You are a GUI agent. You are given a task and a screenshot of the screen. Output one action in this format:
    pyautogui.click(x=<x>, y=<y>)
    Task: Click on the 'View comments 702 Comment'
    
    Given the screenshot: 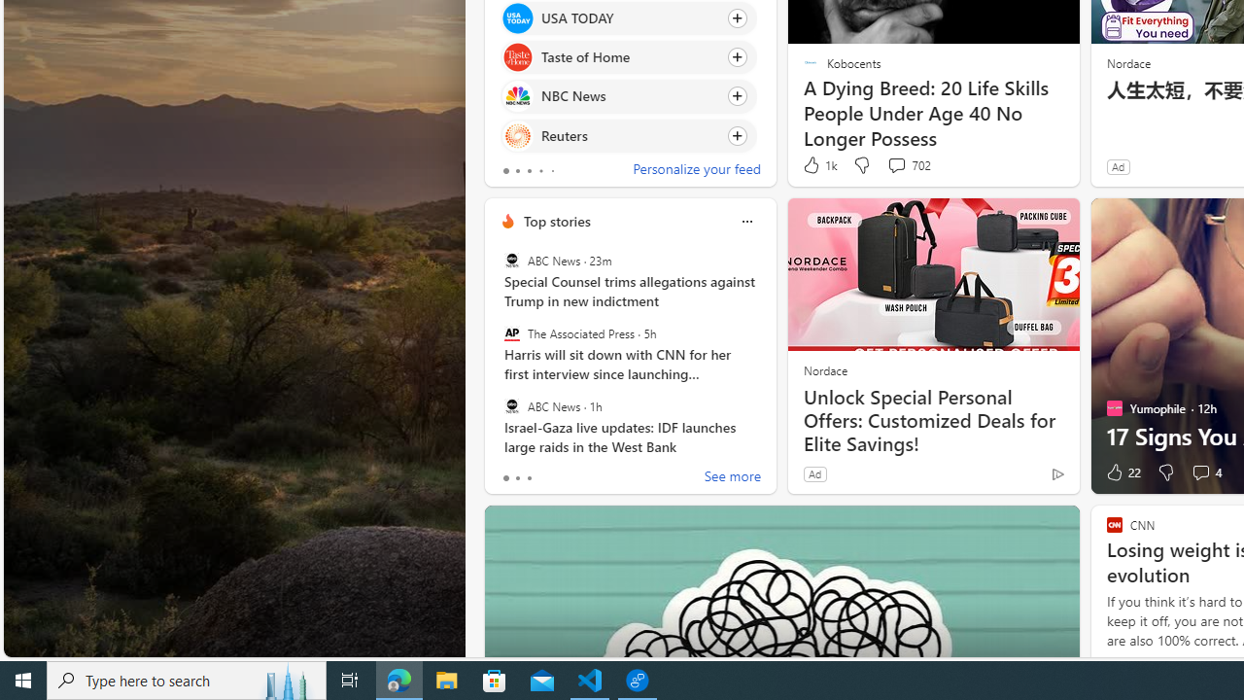 What is the action you would take?
    pyautogui.click(x=895, y=163)
    